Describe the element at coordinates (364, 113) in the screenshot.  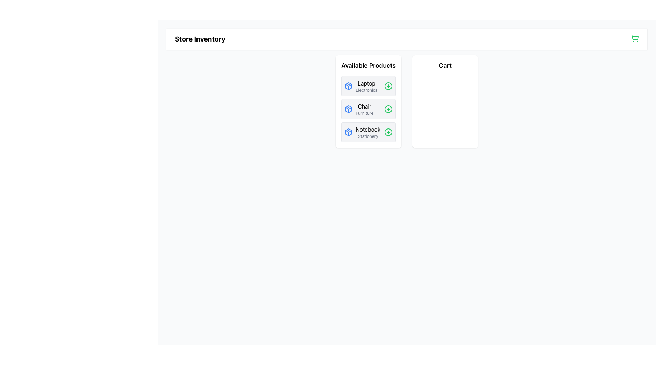
I see `the Text Label that provides a category or descriptive tag for the product 'Chair', located directly below the main title within the 'Available Products' section` at that location.